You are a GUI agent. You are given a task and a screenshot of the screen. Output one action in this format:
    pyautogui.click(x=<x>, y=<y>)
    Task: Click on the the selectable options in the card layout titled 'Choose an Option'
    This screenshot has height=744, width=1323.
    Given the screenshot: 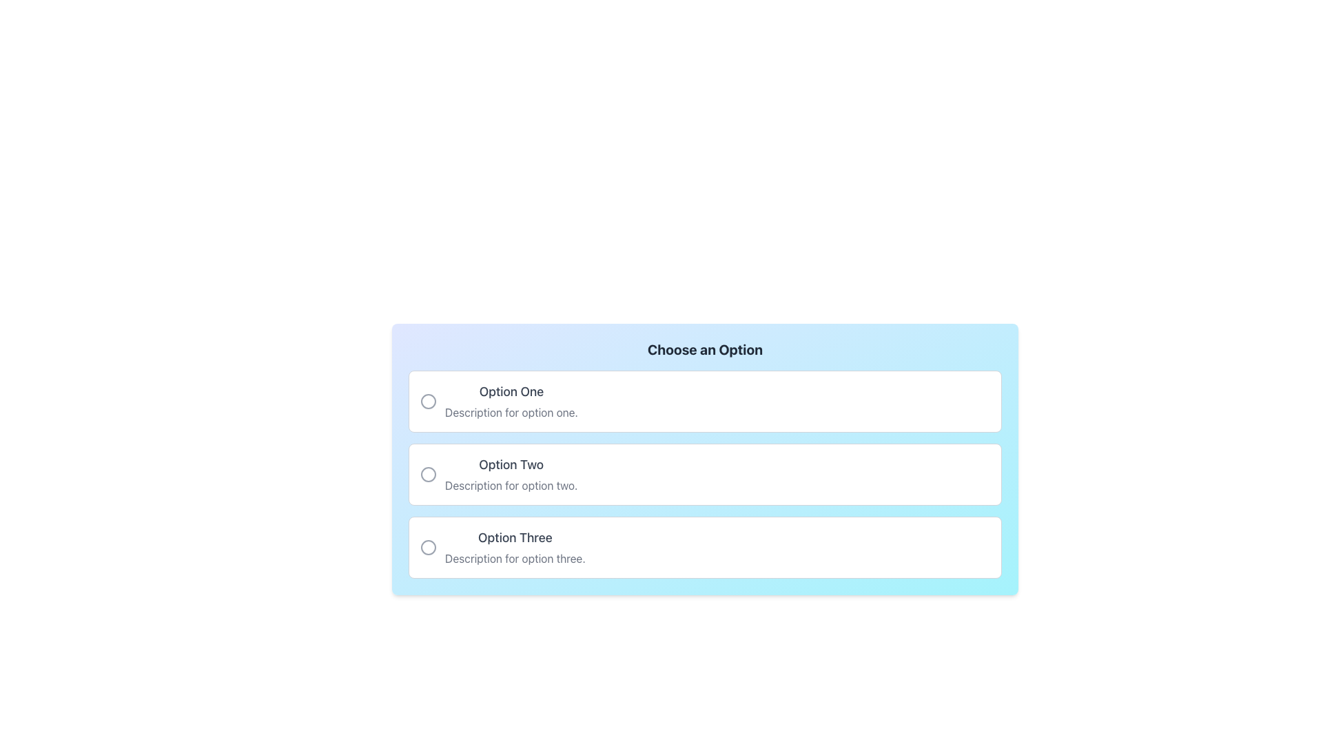 What is the action you would take?
    pyautogui.click(x=705, y=479)
    